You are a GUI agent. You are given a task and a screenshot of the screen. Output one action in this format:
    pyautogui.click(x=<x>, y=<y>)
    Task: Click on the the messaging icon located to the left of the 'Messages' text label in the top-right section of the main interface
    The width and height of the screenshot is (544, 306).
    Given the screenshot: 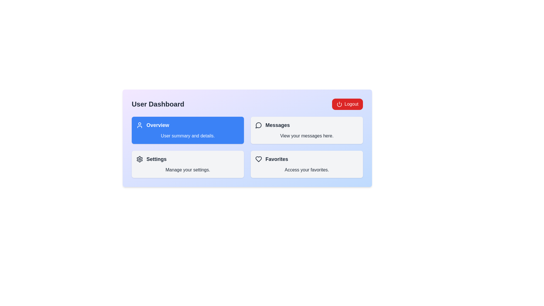 What is the action you would take?
    pyautogui.click(x=258, y=125)
    